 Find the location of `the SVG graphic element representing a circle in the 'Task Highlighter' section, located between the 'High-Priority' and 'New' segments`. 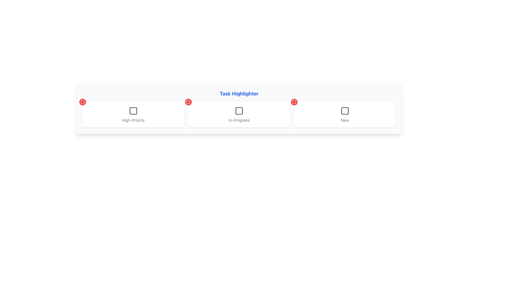

the SVG graphic element representing a circle in the 'Task Highlighter' section, located between the 'High-Priority' and 'New' segments is located at coordinates (294, 102).